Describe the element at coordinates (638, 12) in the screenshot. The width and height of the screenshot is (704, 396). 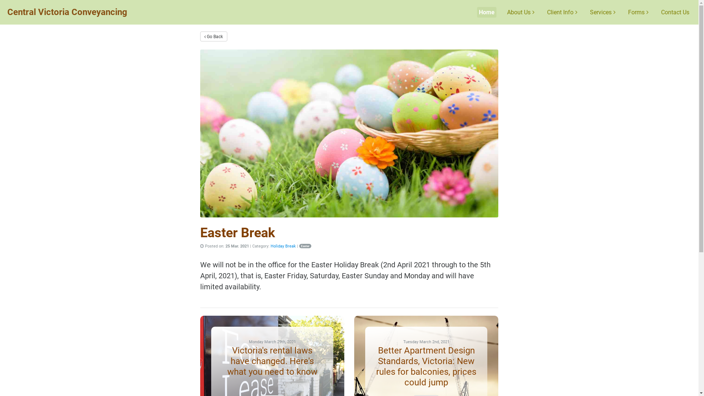
I see `'Forms'` at that location.